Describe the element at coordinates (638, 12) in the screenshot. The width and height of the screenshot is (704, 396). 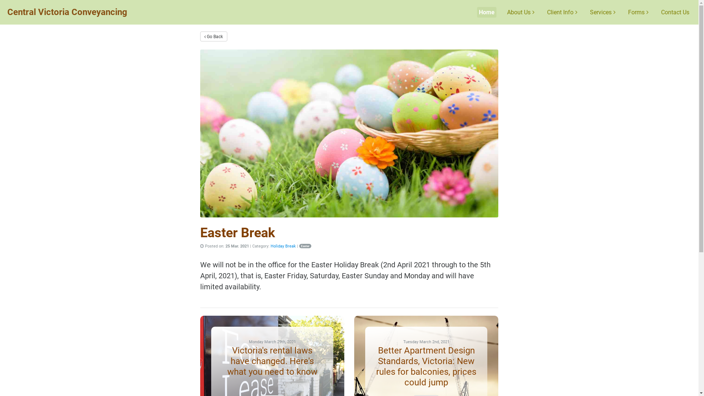
I see `'Forms'` at that location.